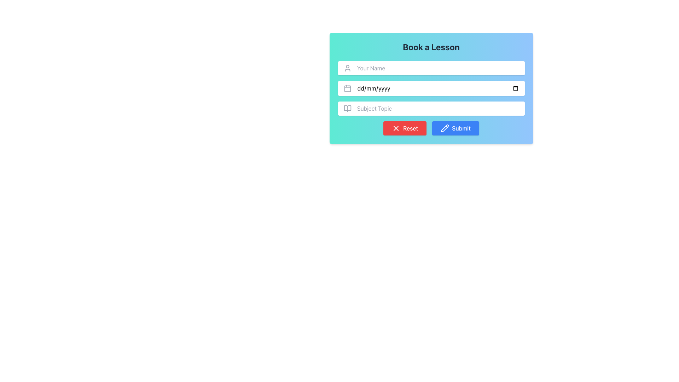  Describe the element at coordinates (347, 88) in the screenshot. I see `the calendar icon indicating the date field for the 'Book a Lesson' form, which is positioned to the left of the 'dd/mm/yyyy' input field` at that location.